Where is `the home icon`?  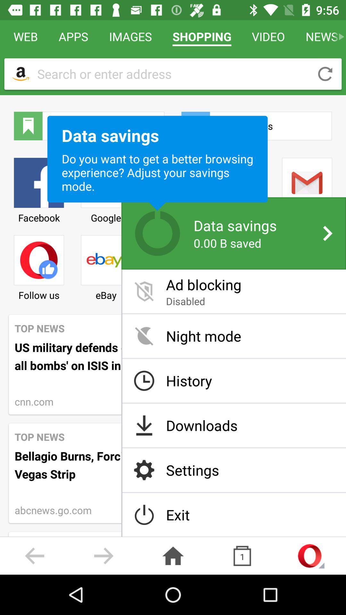
the home icon is located at coordinates (173, 555).